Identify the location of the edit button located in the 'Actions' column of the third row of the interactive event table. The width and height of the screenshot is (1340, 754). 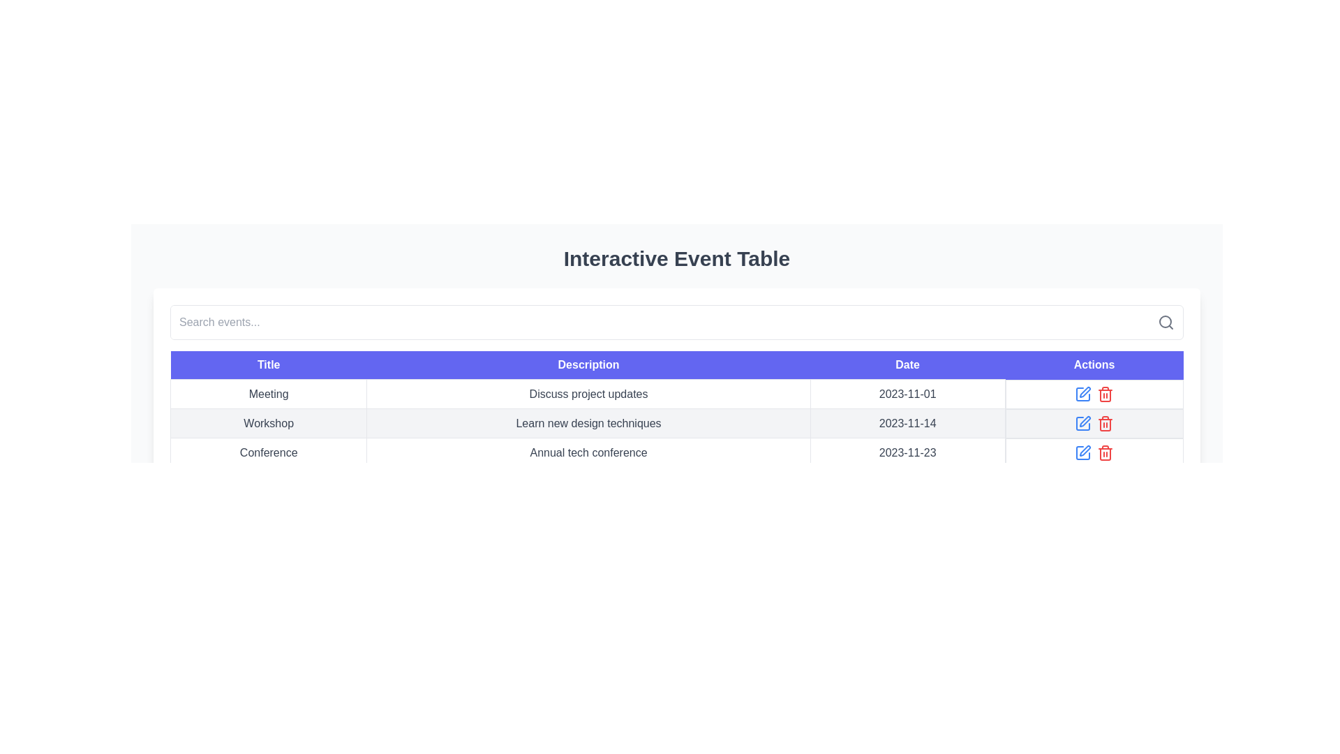
(1082, 452).